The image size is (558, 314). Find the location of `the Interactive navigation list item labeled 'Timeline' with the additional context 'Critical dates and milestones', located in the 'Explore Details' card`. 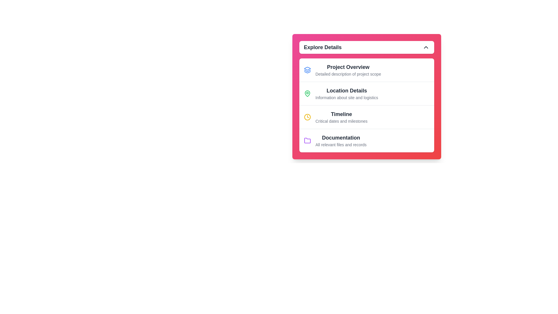

the Interactive navigation list item labeled 'Timeline' with the additional context 'Critical dates and milestones', located in the 'Explore Details' card is located at coordinates (341, 117).